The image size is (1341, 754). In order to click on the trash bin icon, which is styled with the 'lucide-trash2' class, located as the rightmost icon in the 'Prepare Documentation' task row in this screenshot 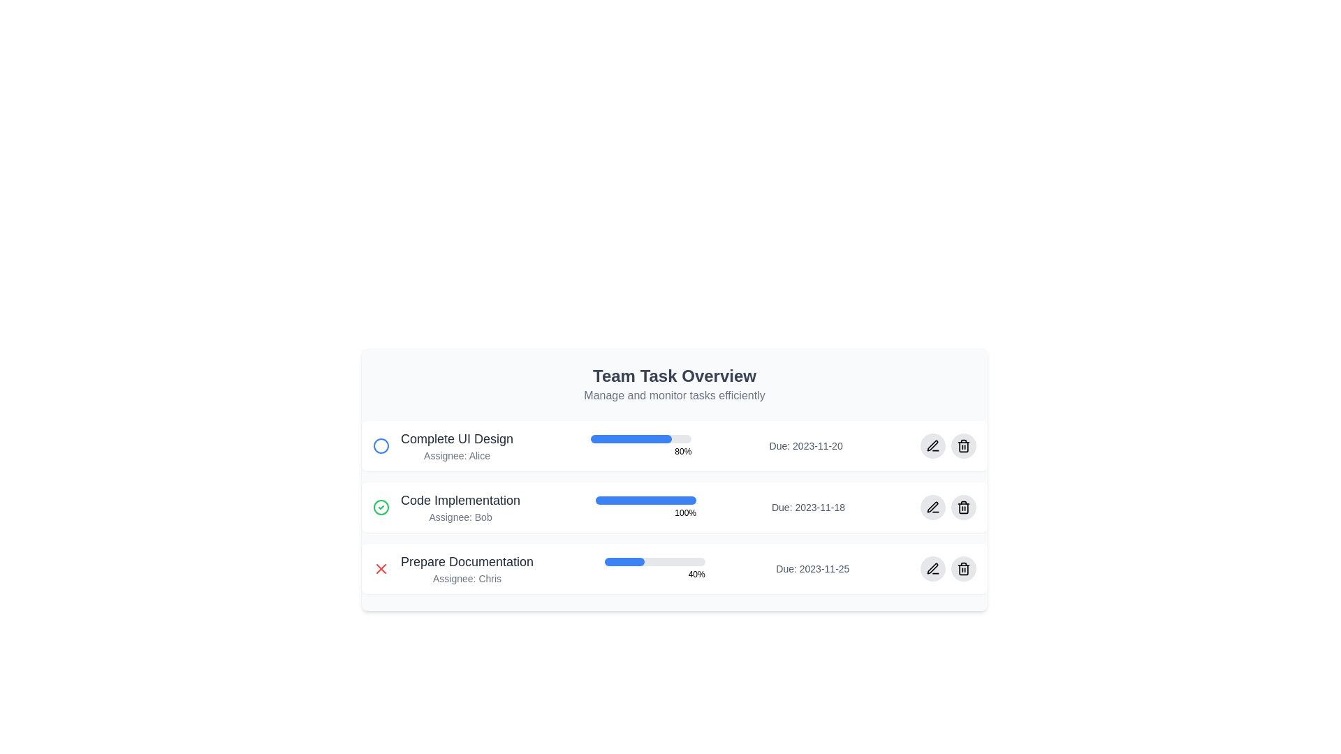, I will do `click(962, 446)`.